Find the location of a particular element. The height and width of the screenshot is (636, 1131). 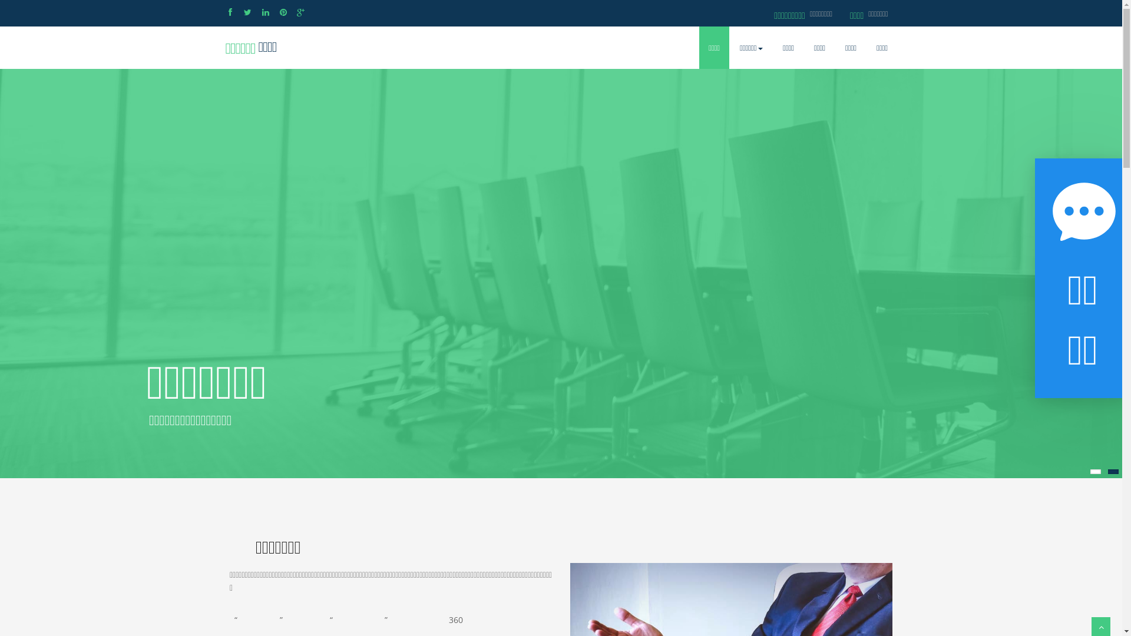

'1' is located at coordinates (1095, 471).